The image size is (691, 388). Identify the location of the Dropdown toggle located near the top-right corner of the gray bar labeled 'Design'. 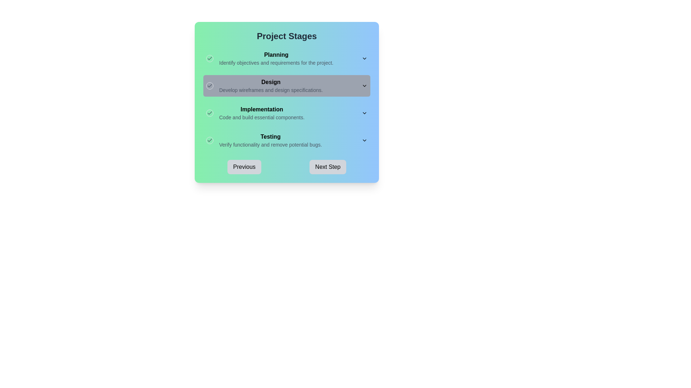
(364, 86).